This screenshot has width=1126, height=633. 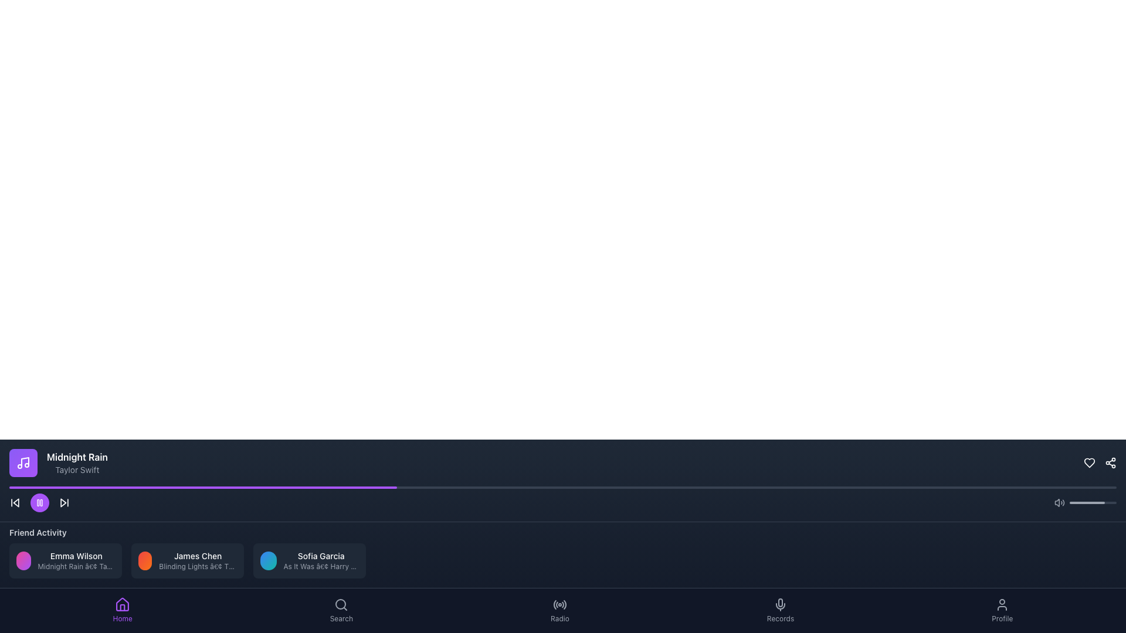 I want to click on the text label displaying 'Radio' located in the bottom navigation bar, specifically the fifth option from the left, so click(x=559, y=618).